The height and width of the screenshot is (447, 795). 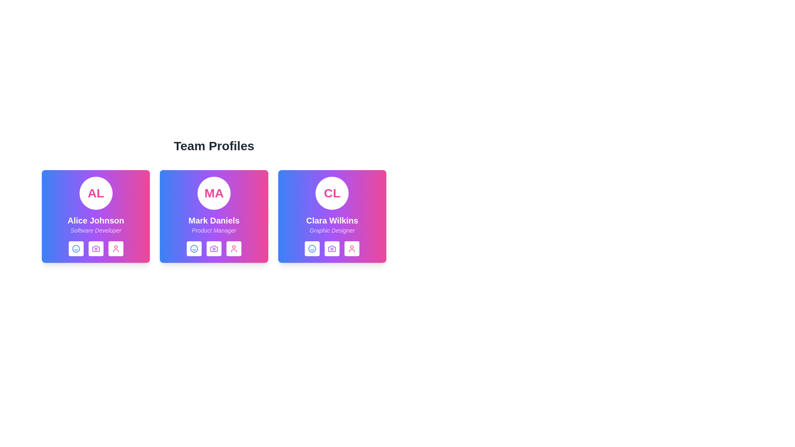 I want to click on the avatar representing the profile named 'Clara Wilkins' located at the top of the profile card in the third position from the left in the 'Team Profiles' section, so click(x=332, y=193).